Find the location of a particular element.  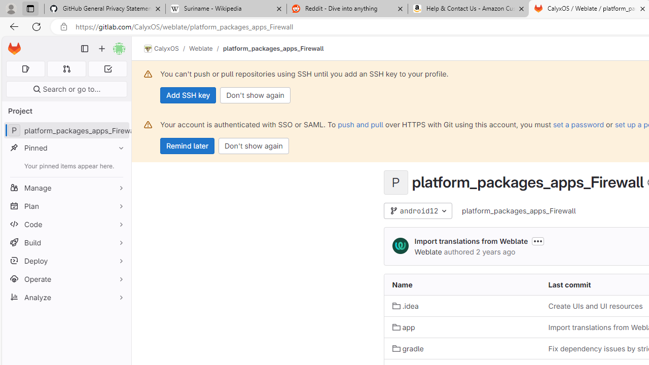

'Create UIs and UI resources' is located at coordinates (596, 305).